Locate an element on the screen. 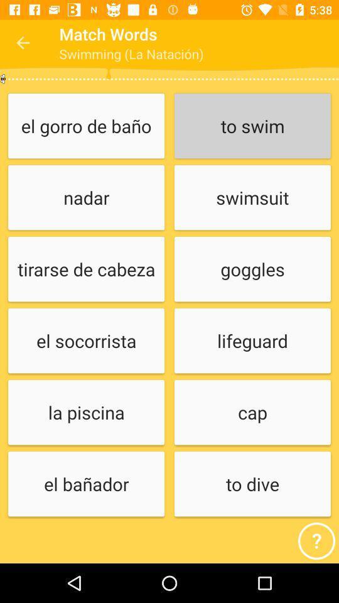 This screenshot has width=339, height=603. icon above tirarse de cabeza is located at coordinates (85, 198).